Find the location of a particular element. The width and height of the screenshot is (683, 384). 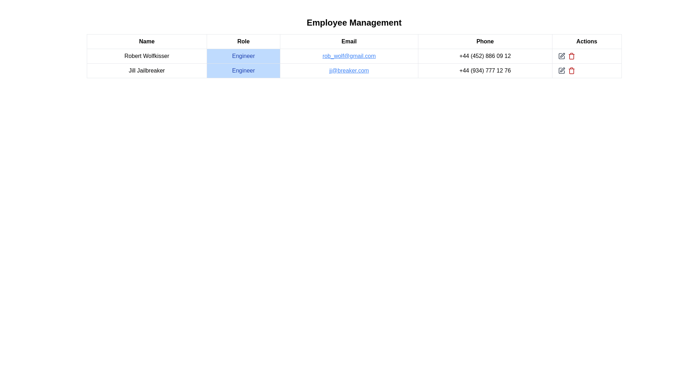

the non-interactive layout element located in the 'Actions' column of the second row representing 'Jill Jailbreaker', positioned to the right of the delete button is located at coordinates (587, 71).